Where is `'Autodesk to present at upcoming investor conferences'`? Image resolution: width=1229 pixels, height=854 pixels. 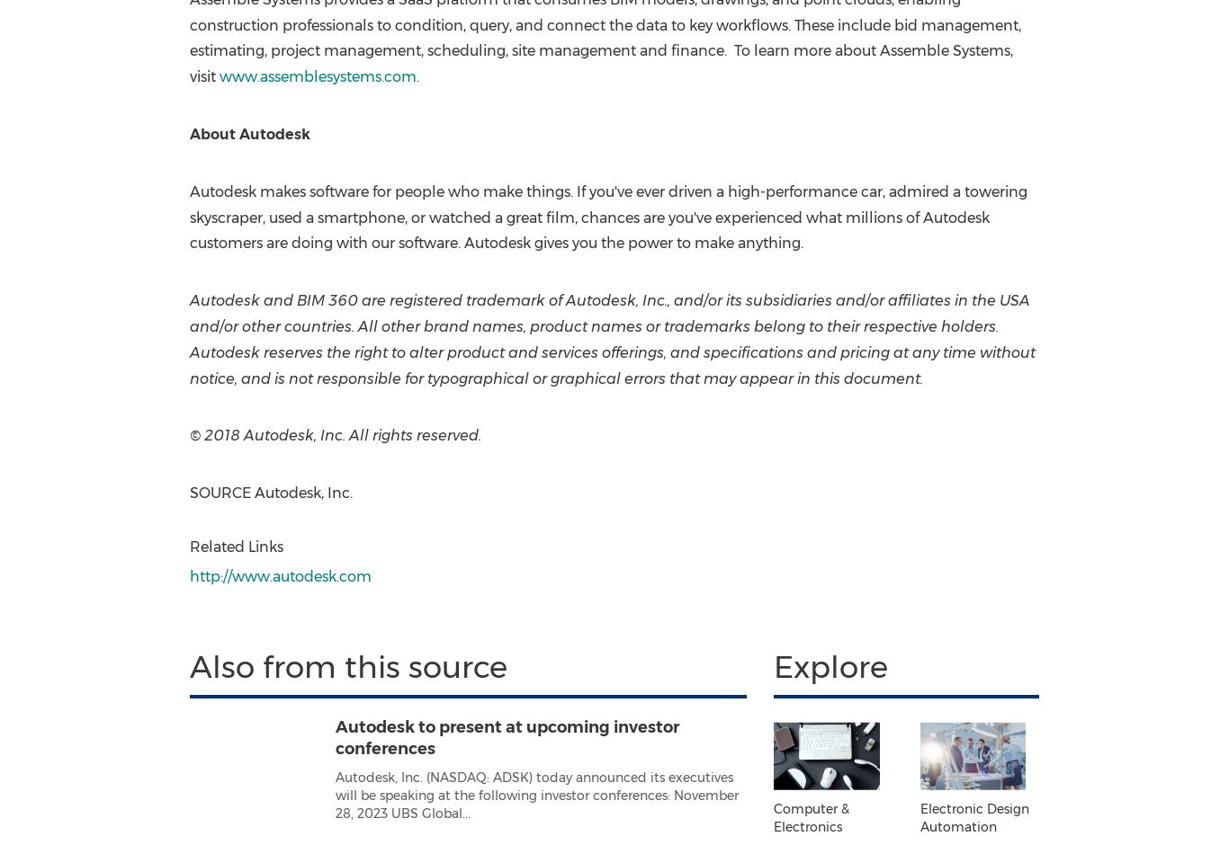
'Autodesk to present at upcoming investor conferences' is located at coordinates (333, 736).